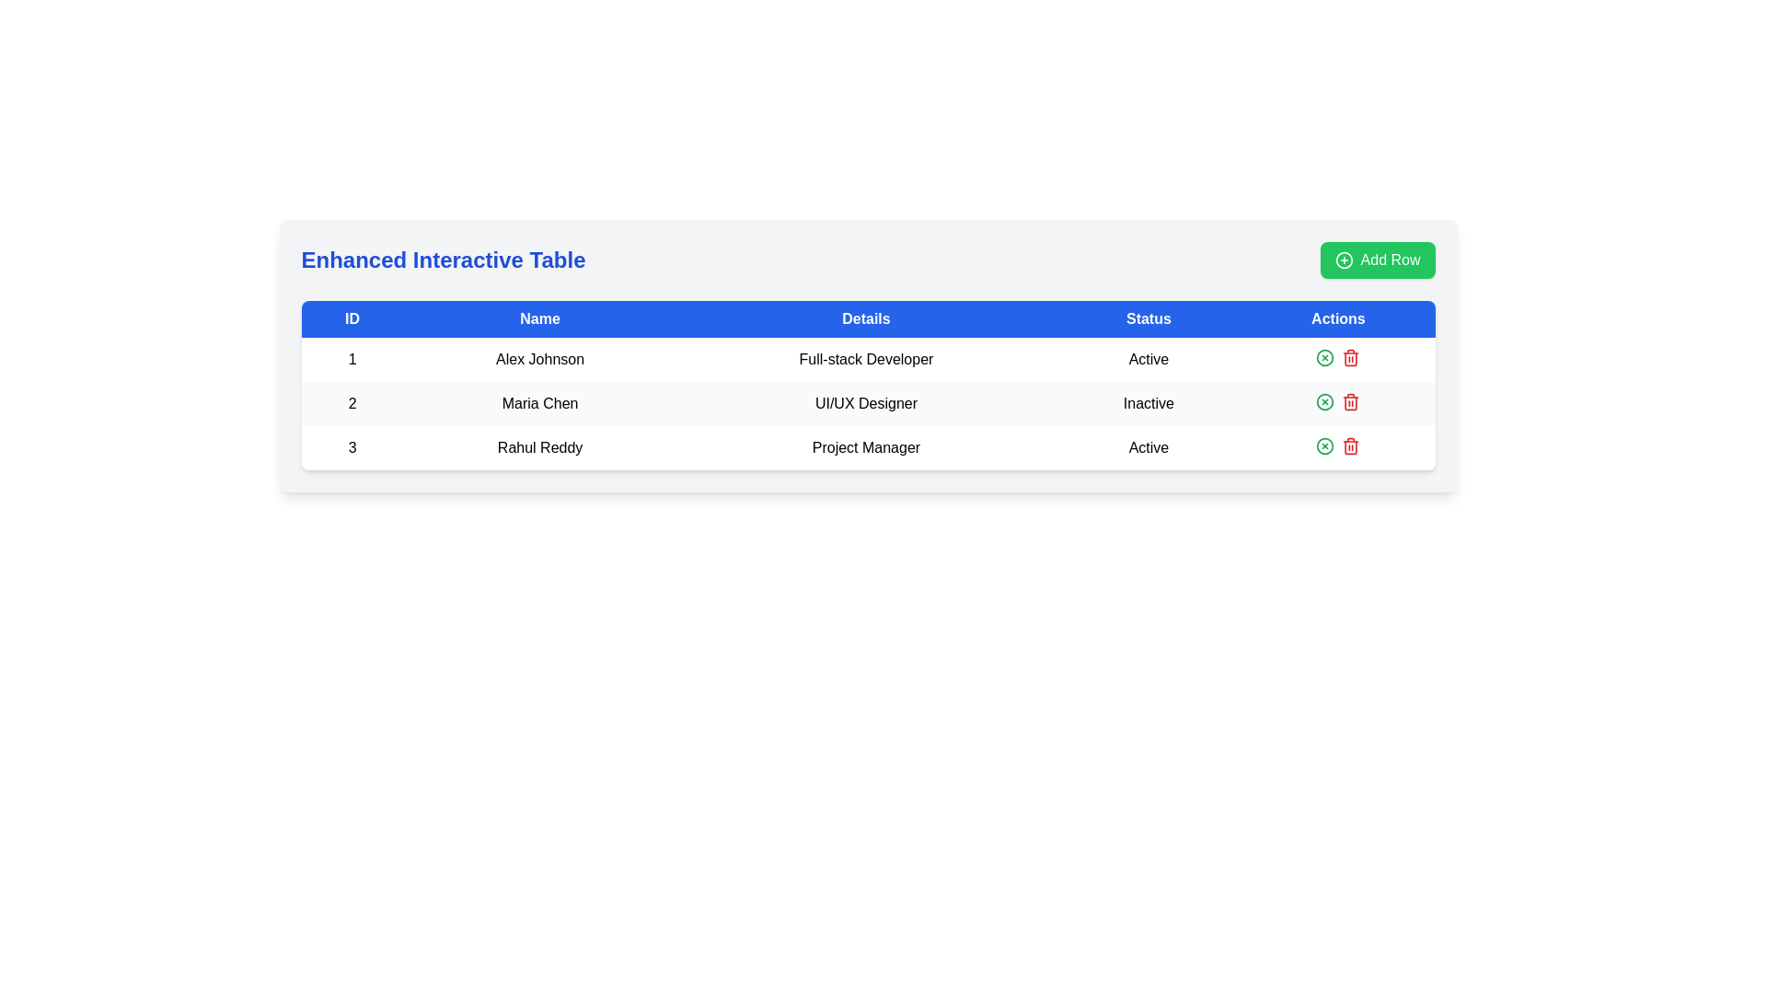 This screenshot has width=1767, height=994. Describe the element at coordinates (1338, 358) in the screenshot. I see `the grouped action element containing two interactive icons in the 'Actions' column of the first row for 'Alex Johnson - Full-stack Developer'` at that location.